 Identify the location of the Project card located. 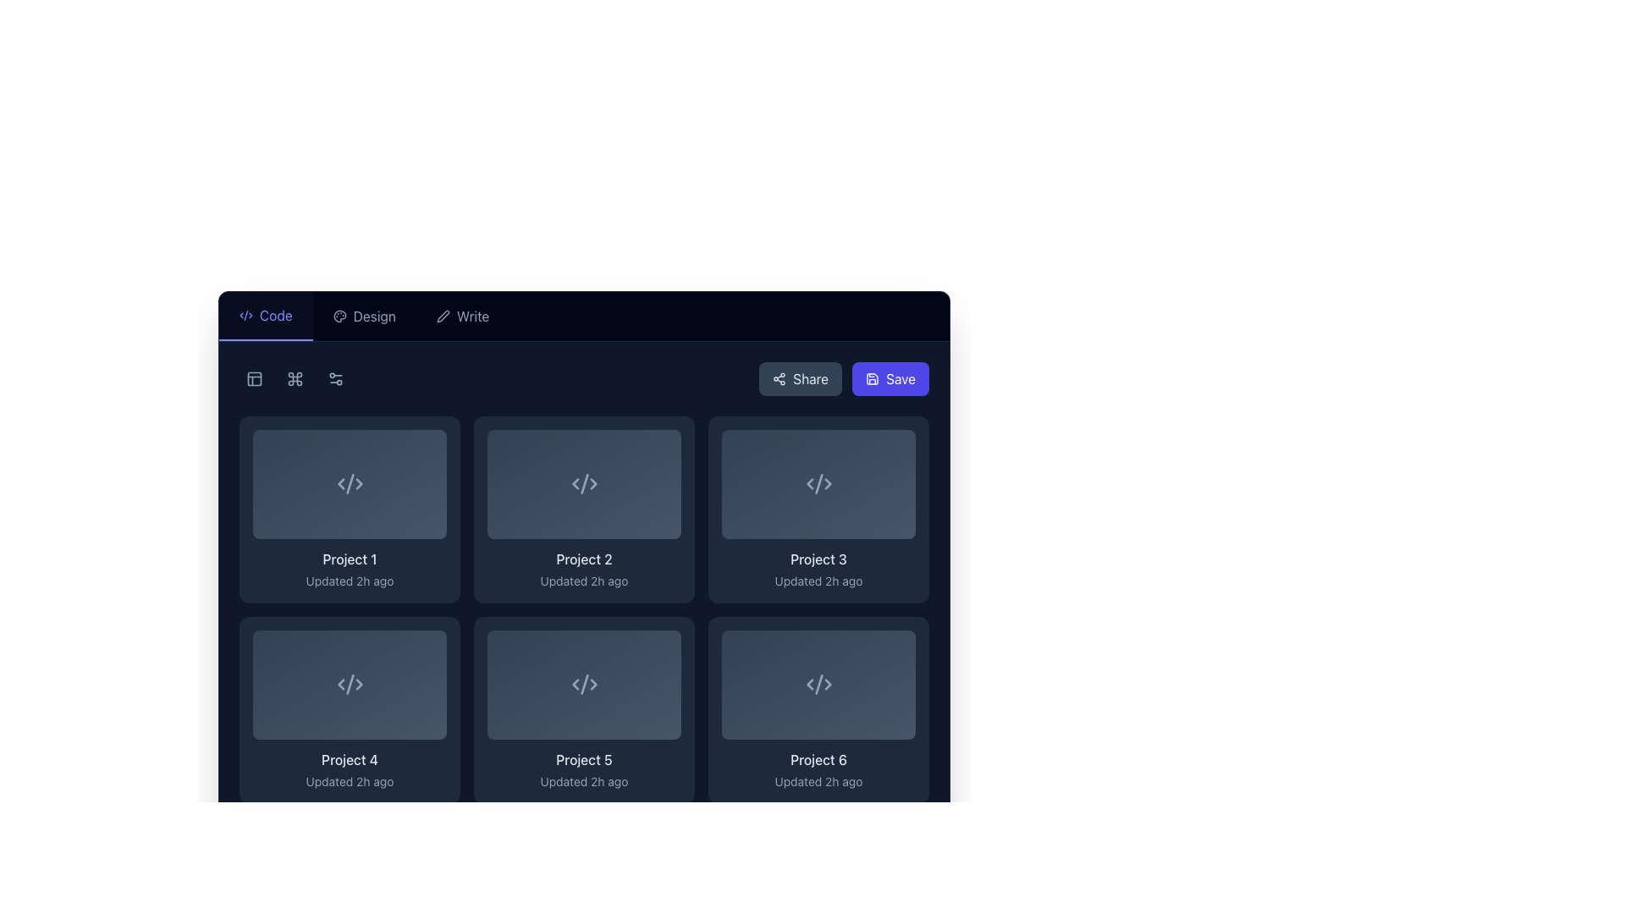
(349, 484).